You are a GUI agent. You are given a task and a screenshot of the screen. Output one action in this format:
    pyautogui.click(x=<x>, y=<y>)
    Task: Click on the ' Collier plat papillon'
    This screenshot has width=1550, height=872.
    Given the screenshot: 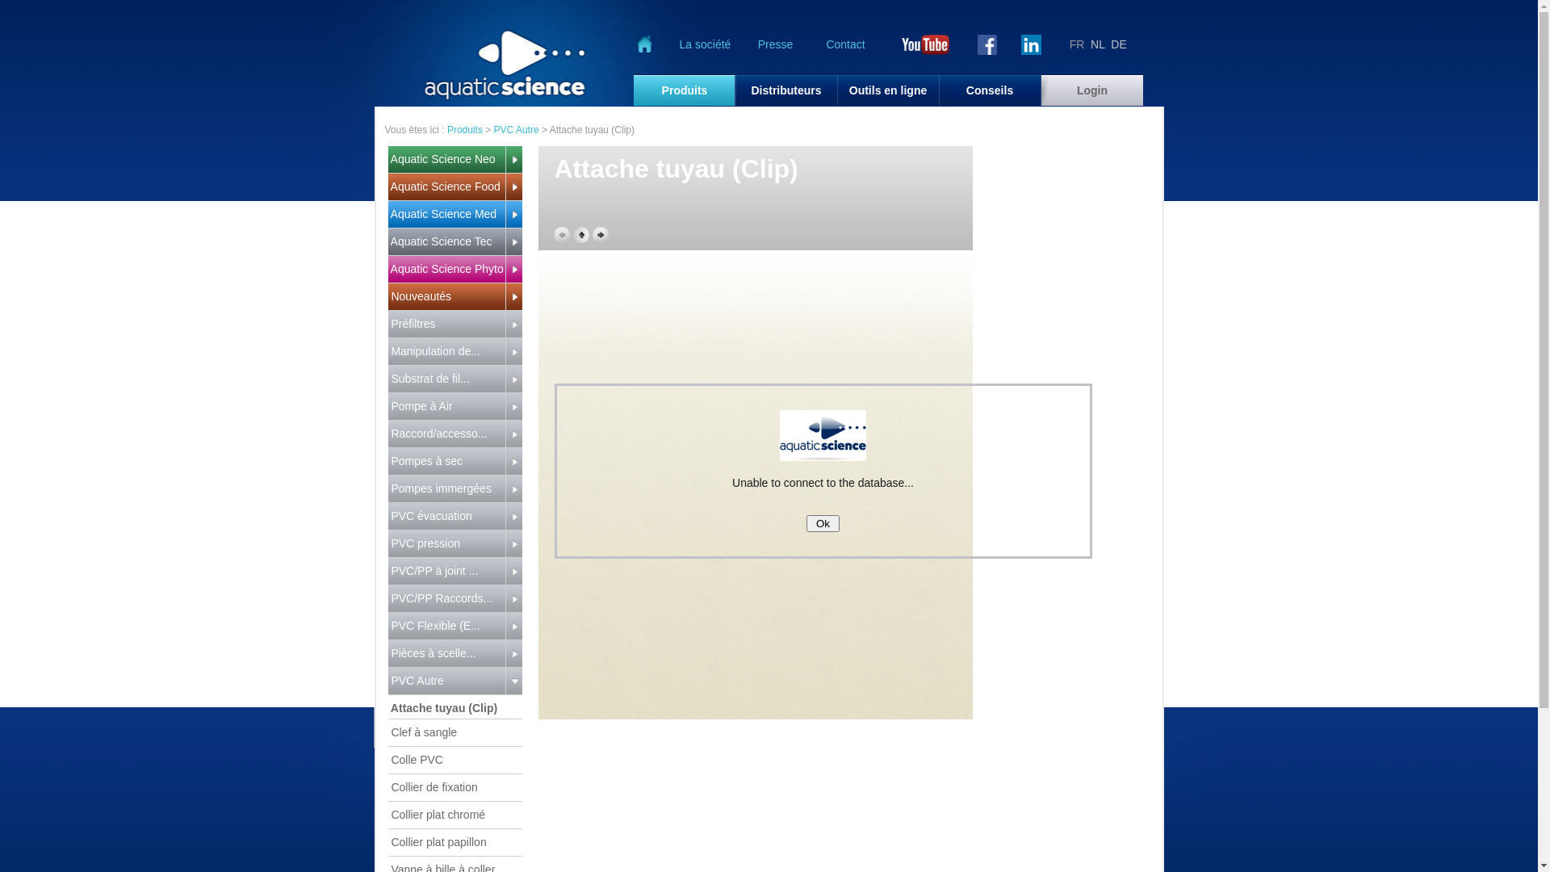 What is the action you would take?
    pyautogui.click(x=453, y=842)
    